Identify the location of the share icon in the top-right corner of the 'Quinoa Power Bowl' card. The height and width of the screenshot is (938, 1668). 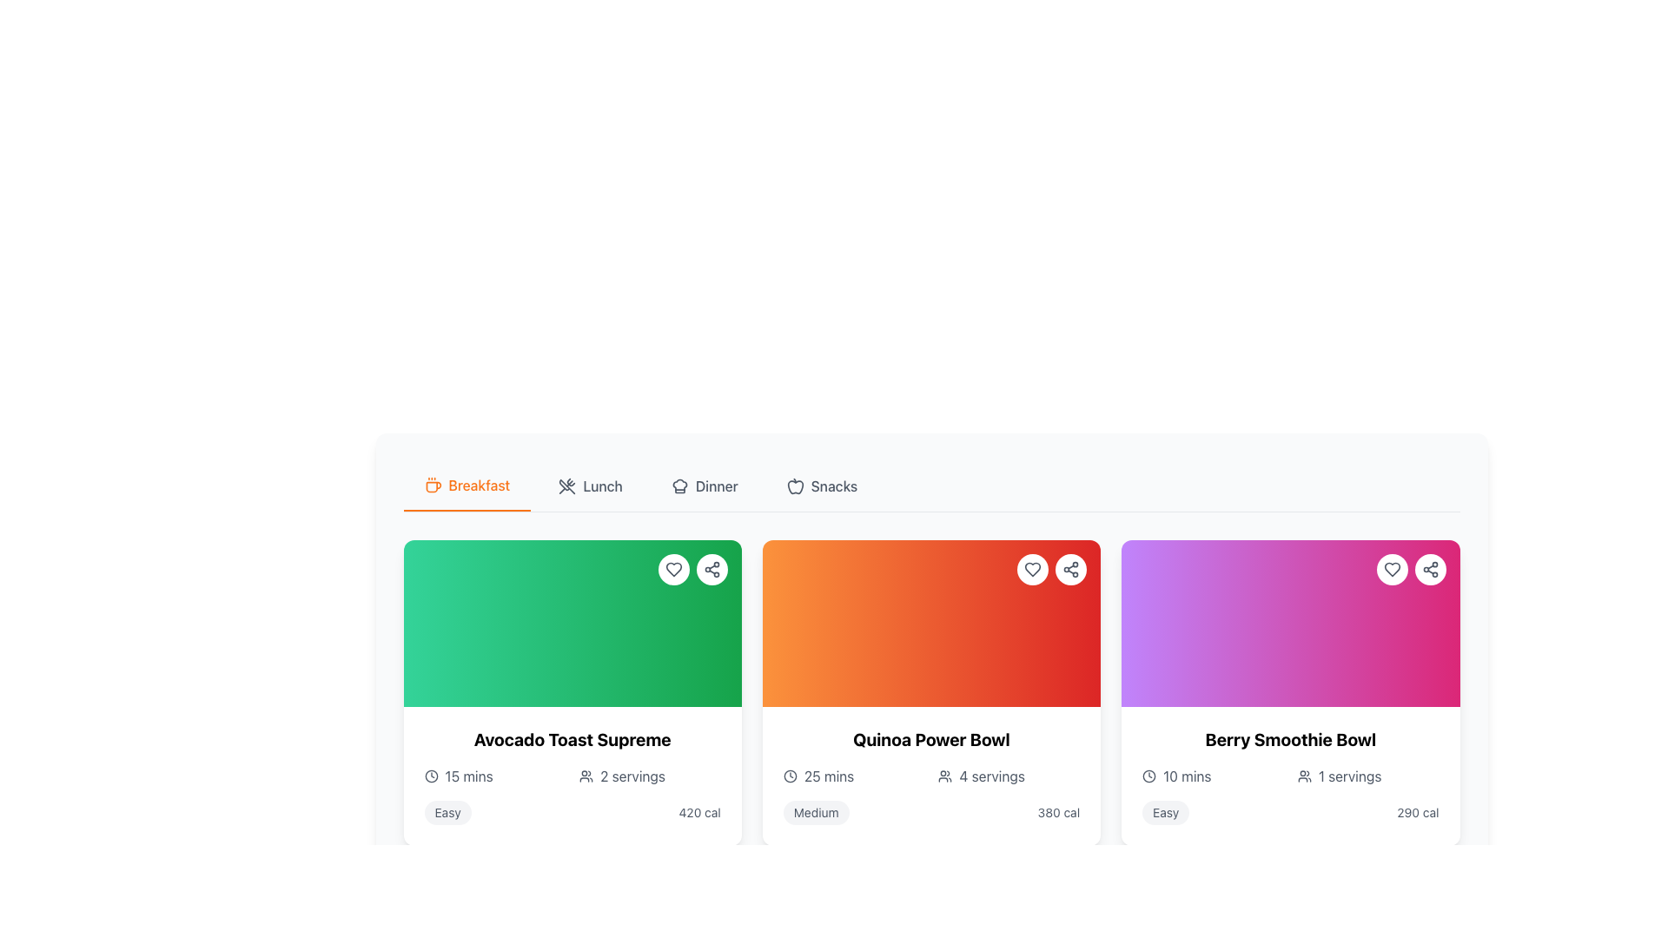
(1070, 569).